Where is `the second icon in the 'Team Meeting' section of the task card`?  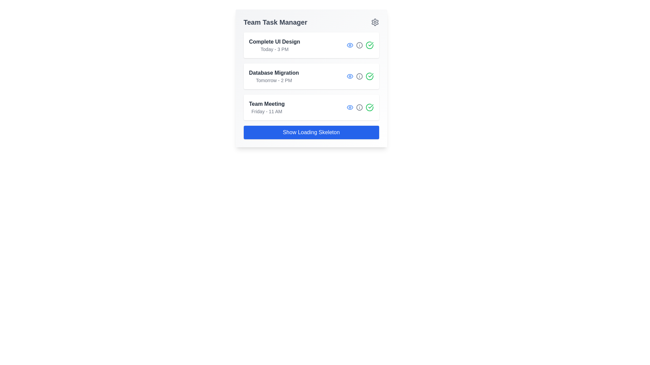 the second icon in the 'Team Meeting' section of the task card is located at coordinates (360, 107).